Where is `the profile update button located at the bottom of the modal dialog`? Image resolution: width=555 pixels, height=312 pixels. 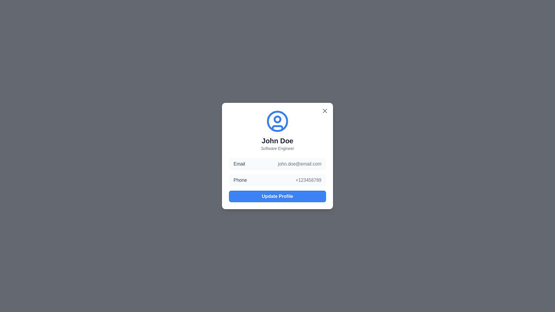
the profile update button located at the bottom of the modal dialog is located at coordinates (277, 196).